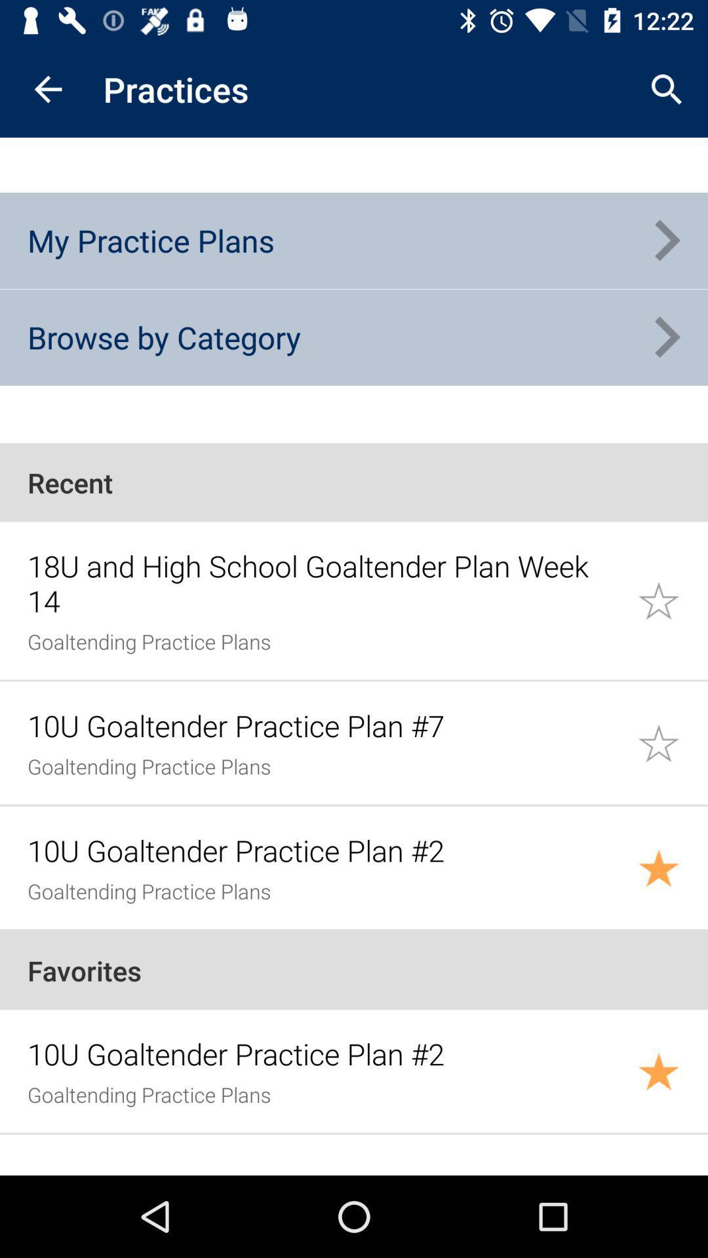  What do you see at coordinates (354, 970) in the screenshot?
I see `the favorites` at bounding box center [354, 970].